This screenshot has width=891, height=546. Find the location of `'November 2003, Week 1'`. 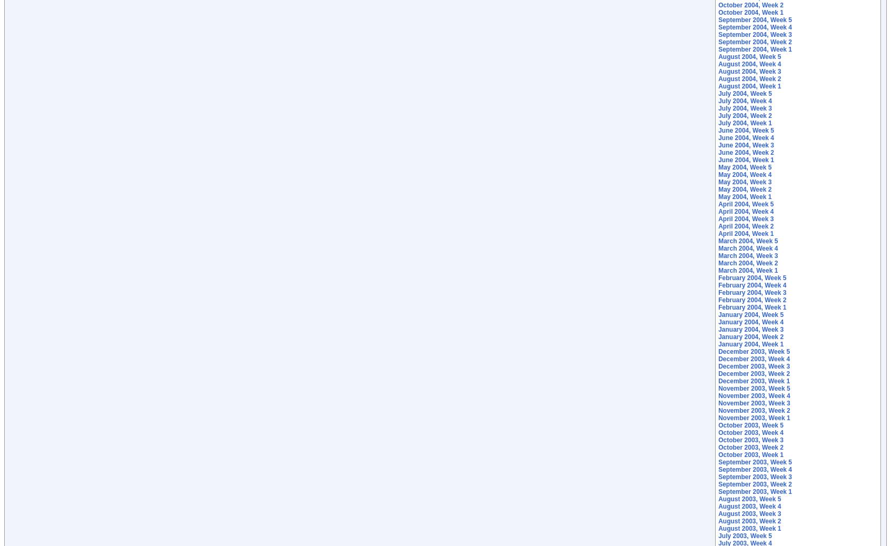

'November 2003, Week 1' is located at coordinates (753, 418).